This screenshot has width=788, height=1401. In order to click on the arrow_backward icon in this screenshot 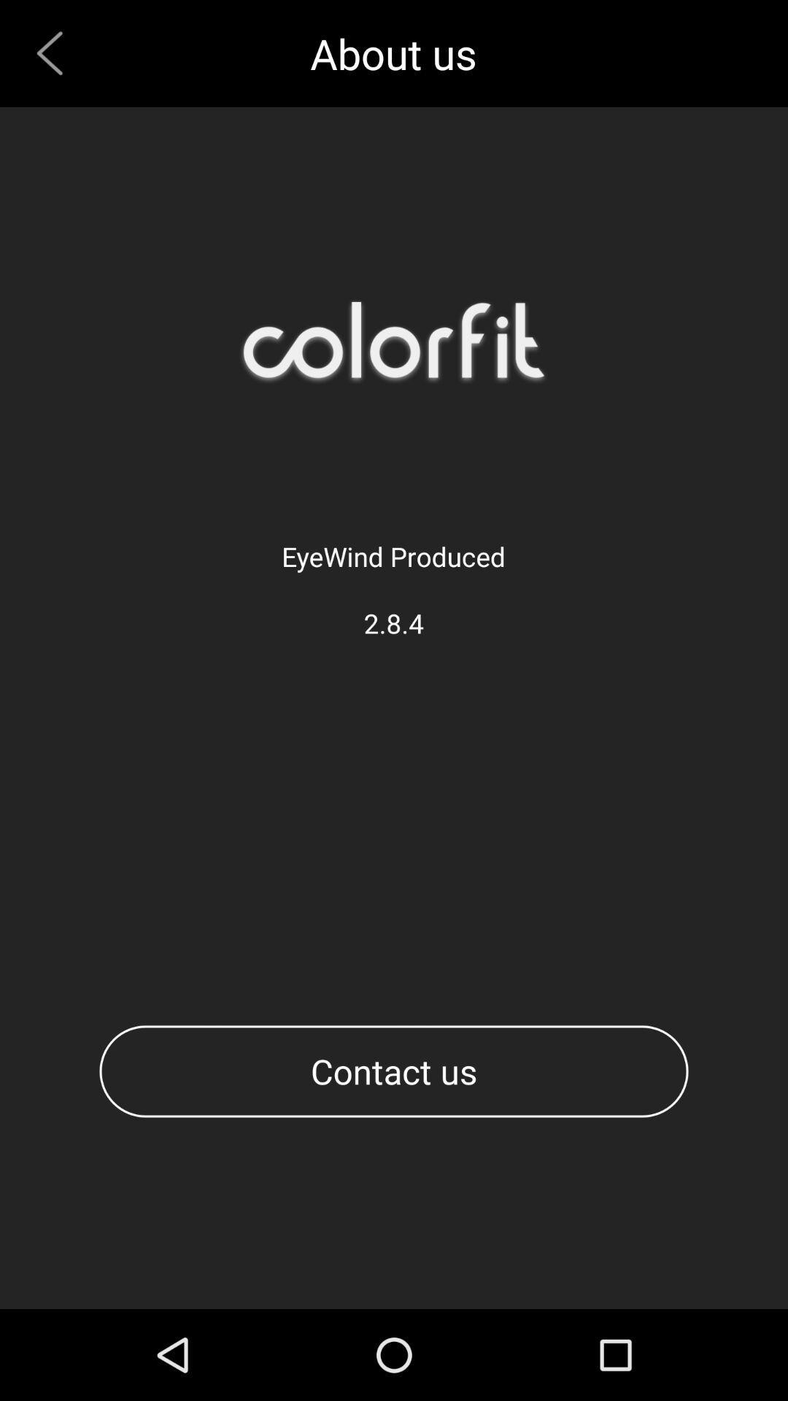, I will do `click(55, 57)`.